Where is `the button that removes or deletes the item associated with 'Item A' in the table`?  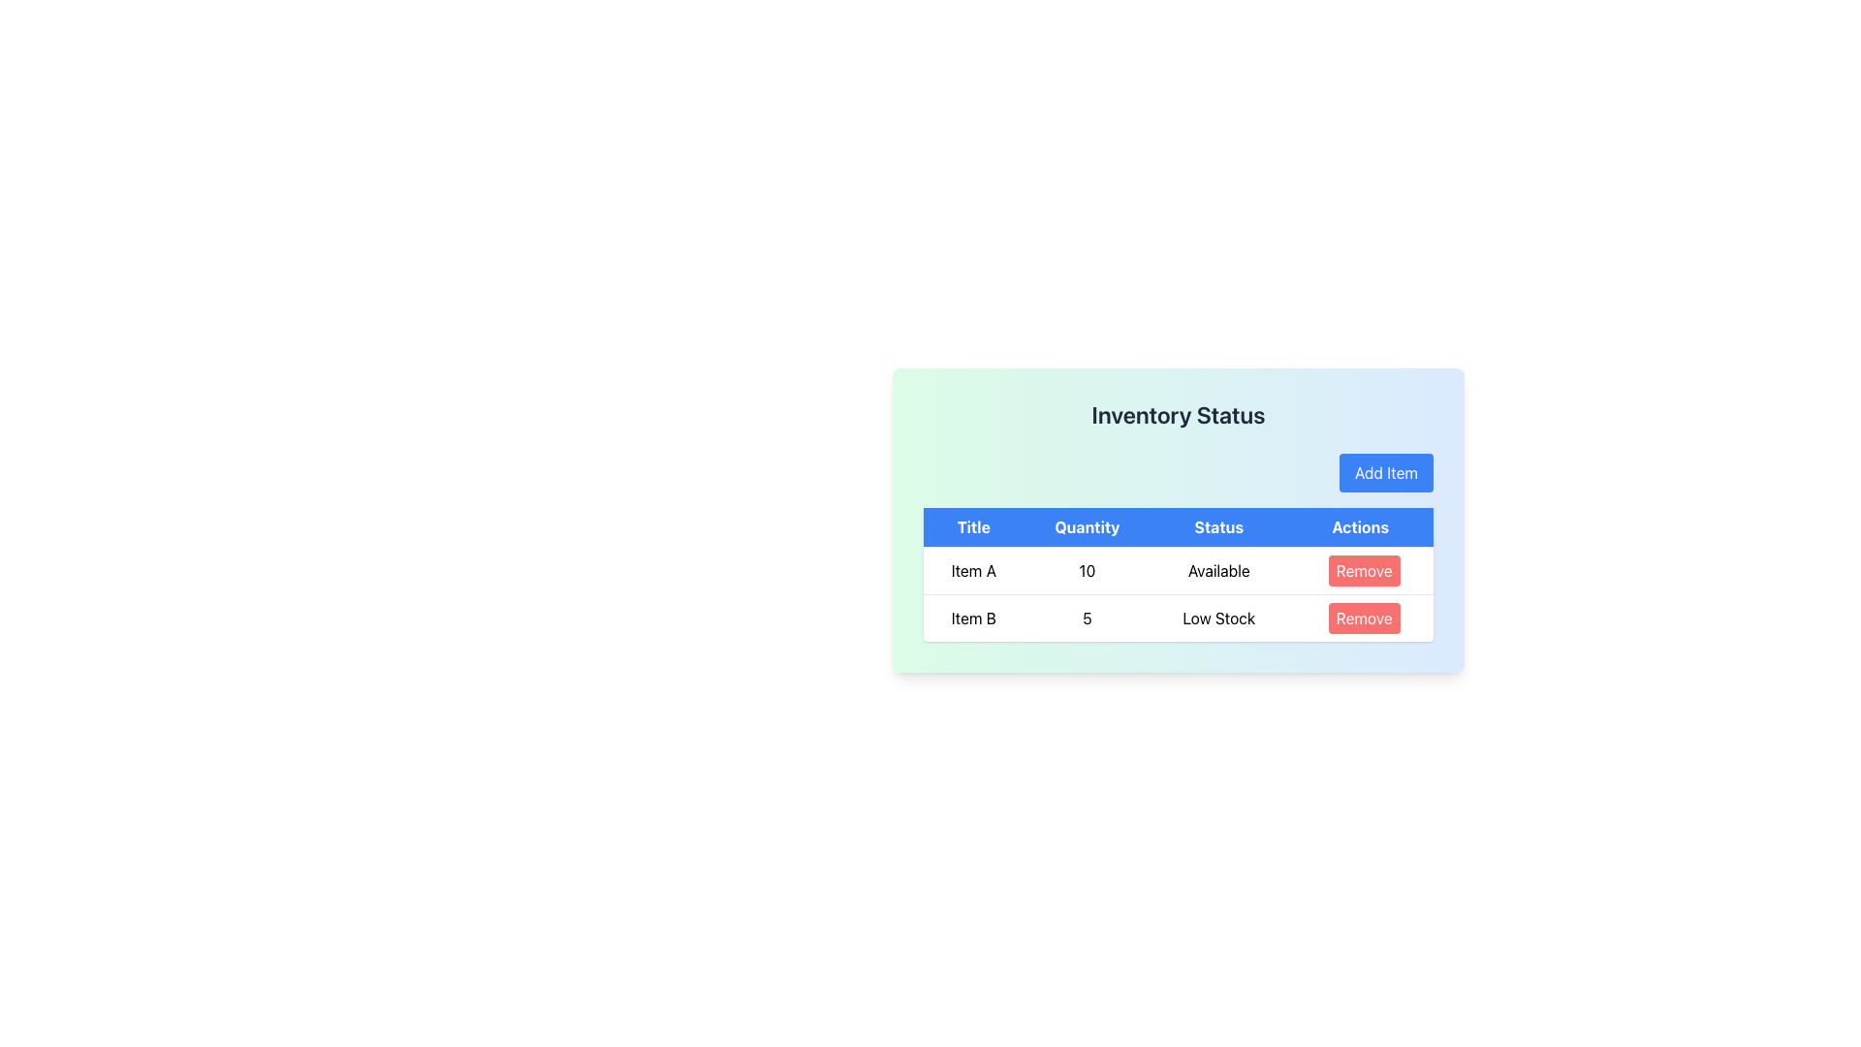 the button that removes or deletes the item associated with 'Item A' in the table is located at coordinates (1359, 570).